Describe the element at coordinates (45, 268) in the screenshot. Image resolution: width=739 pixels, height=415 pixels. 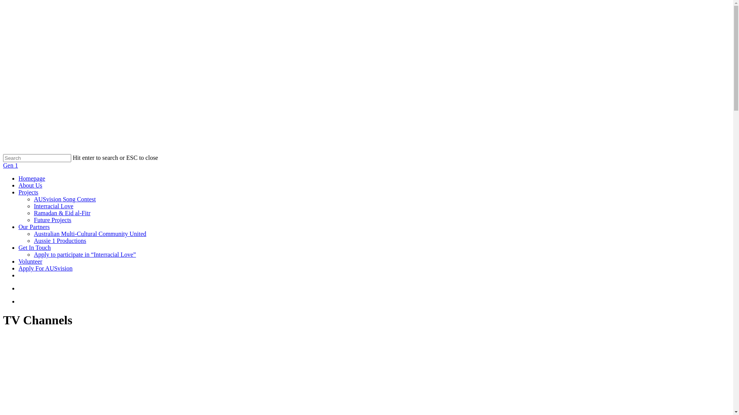
I see `'Apply For AUSvision'` at that location.